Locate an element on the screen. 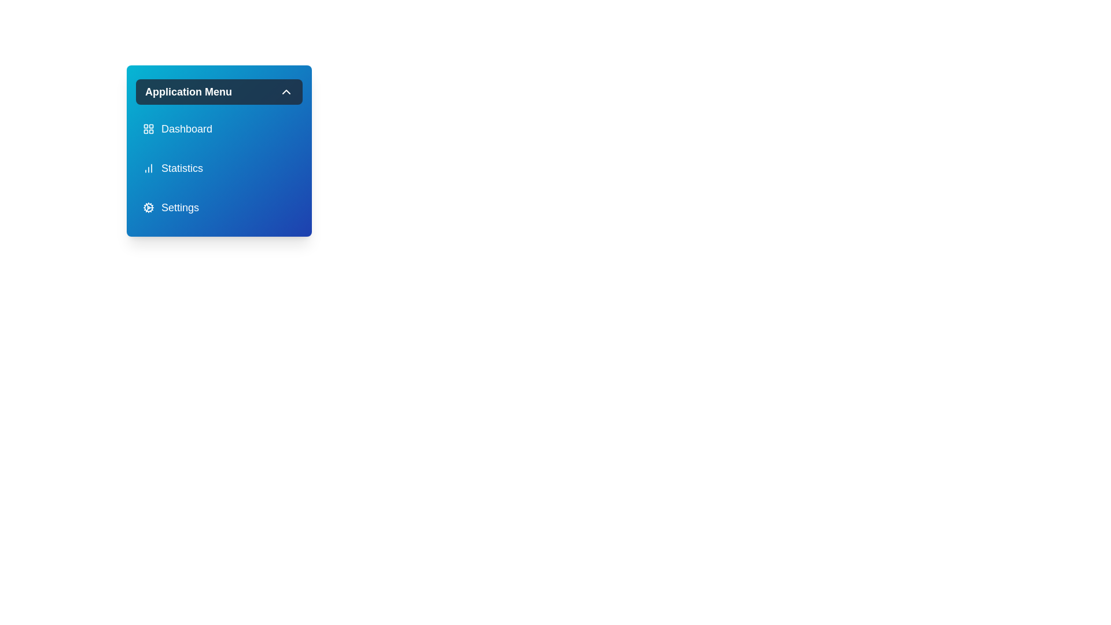 Image resolution: width=1111 pixels, height=625 pixels. the toggle button to toggle the menu visibility is located at coordinates (219, 91).